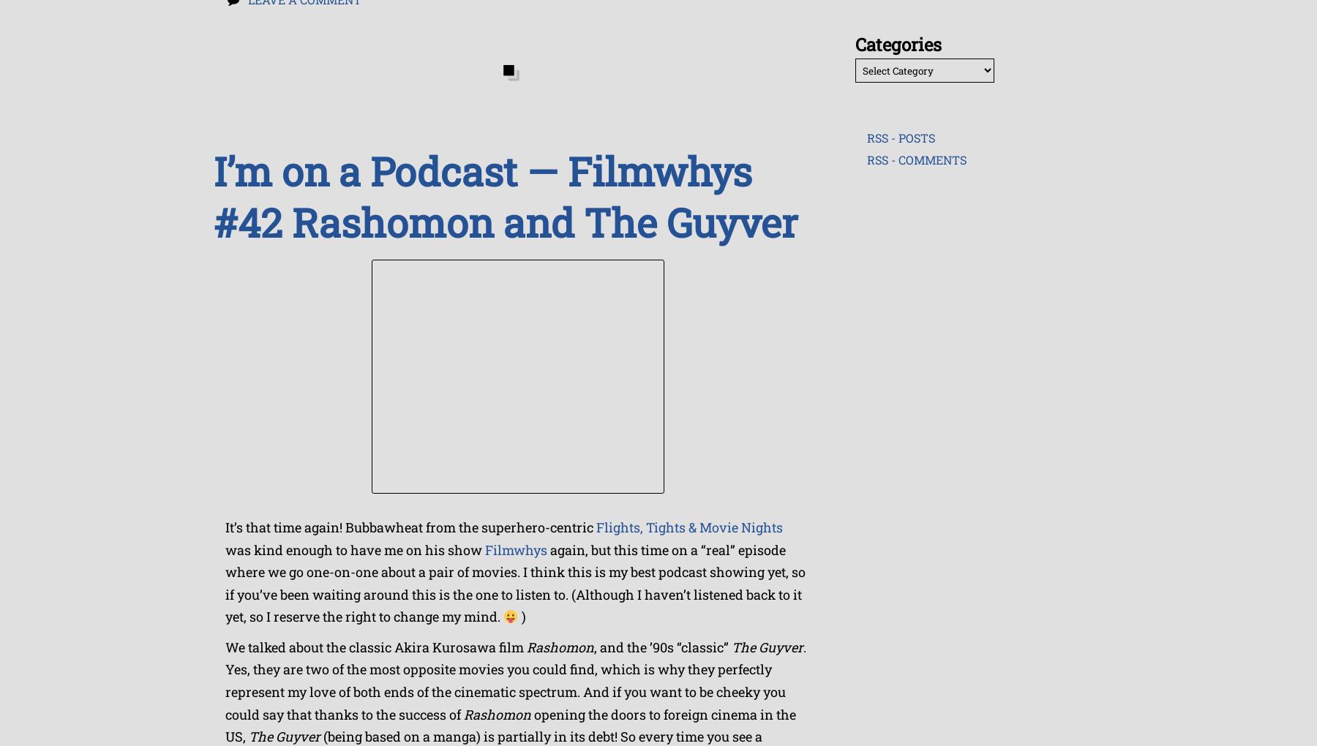  What do you see at coordinates (897, 44) in the screenshot?
I see `'Categories'` at bounding box center [897, 44].